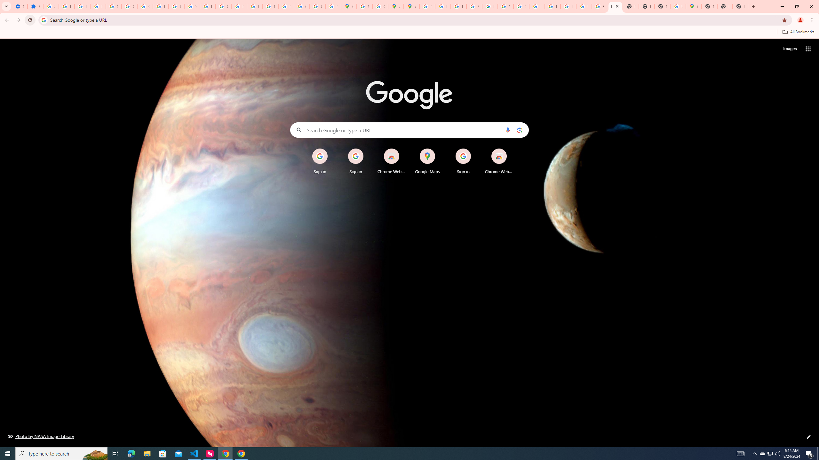  I want to click on 'Google Account Help', so click(129, 6).